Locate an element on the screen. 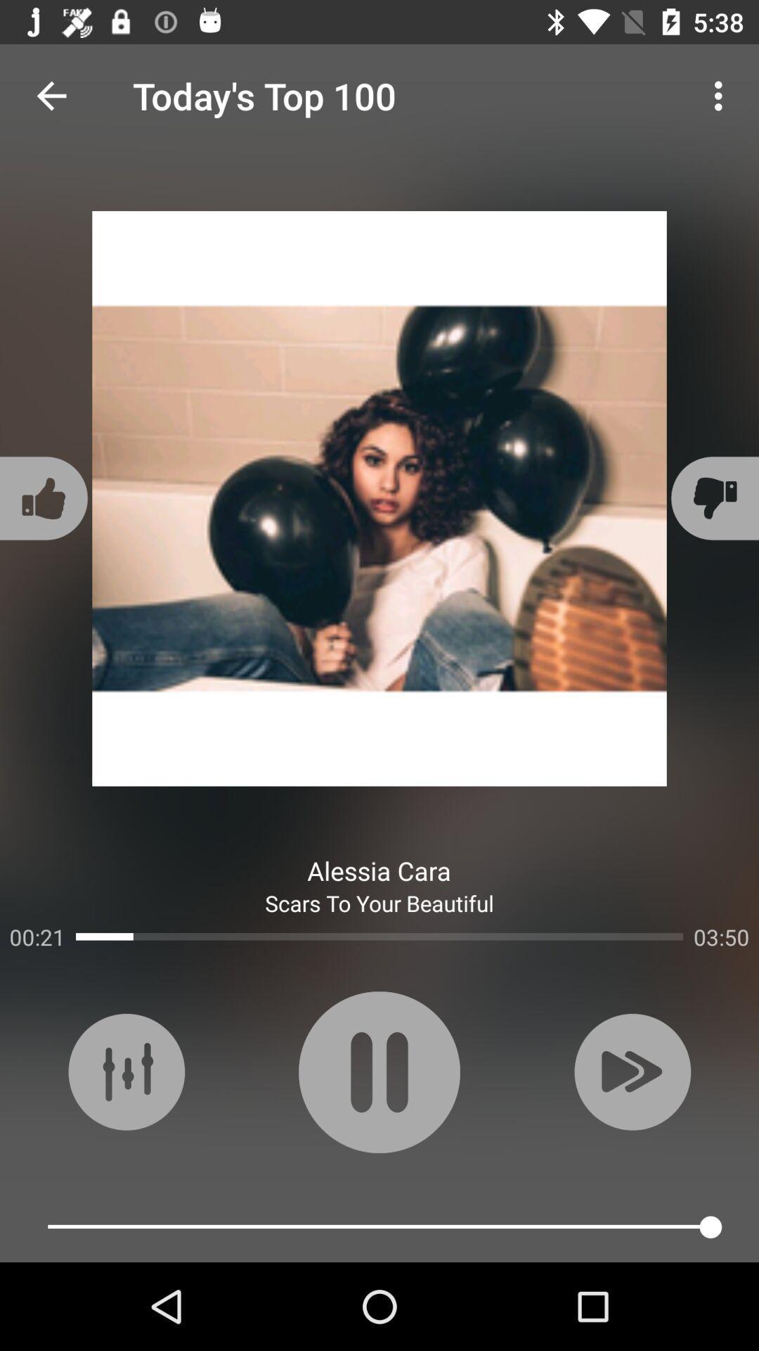 The height and width of the screenshot is (1351, 759). item to the right of the today s top icon is located at coordinates (722, 95).